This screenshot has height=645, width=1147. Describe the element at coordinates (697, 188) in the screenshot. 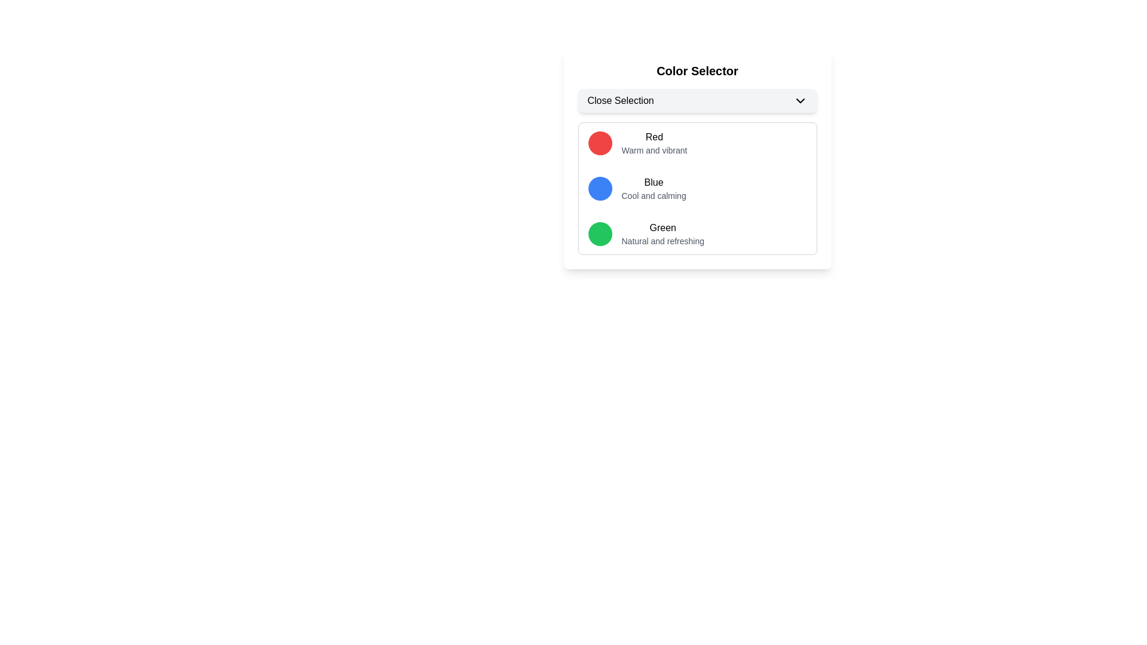

I see `the color selection menu item` at that location.